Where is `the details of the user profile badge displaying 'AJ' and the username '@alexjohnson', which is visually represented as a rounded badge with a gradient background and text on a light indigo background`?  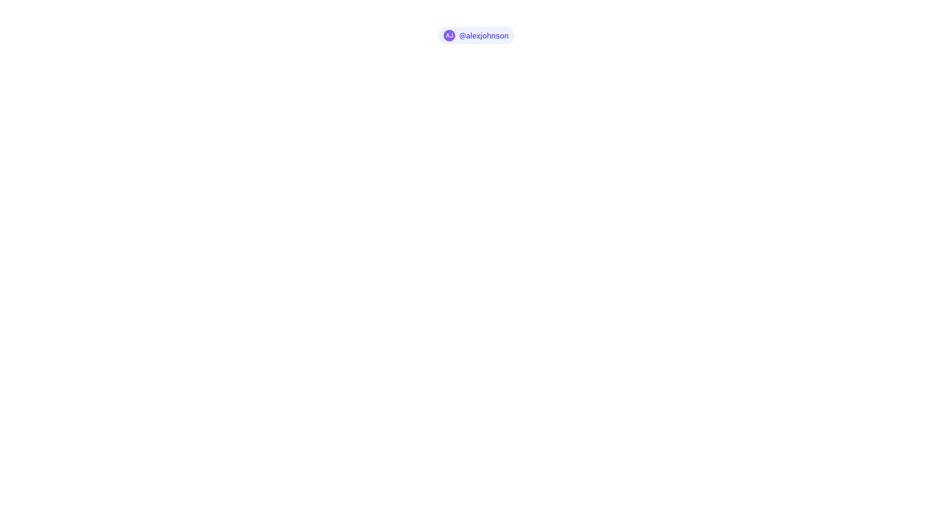
the details of the user profile badge displaying 'AJ' and the username '@alexjohnson', which is visually represented as a rounded badge with a gradient background and text on a light indigo background is located at coordinates (476, 35).